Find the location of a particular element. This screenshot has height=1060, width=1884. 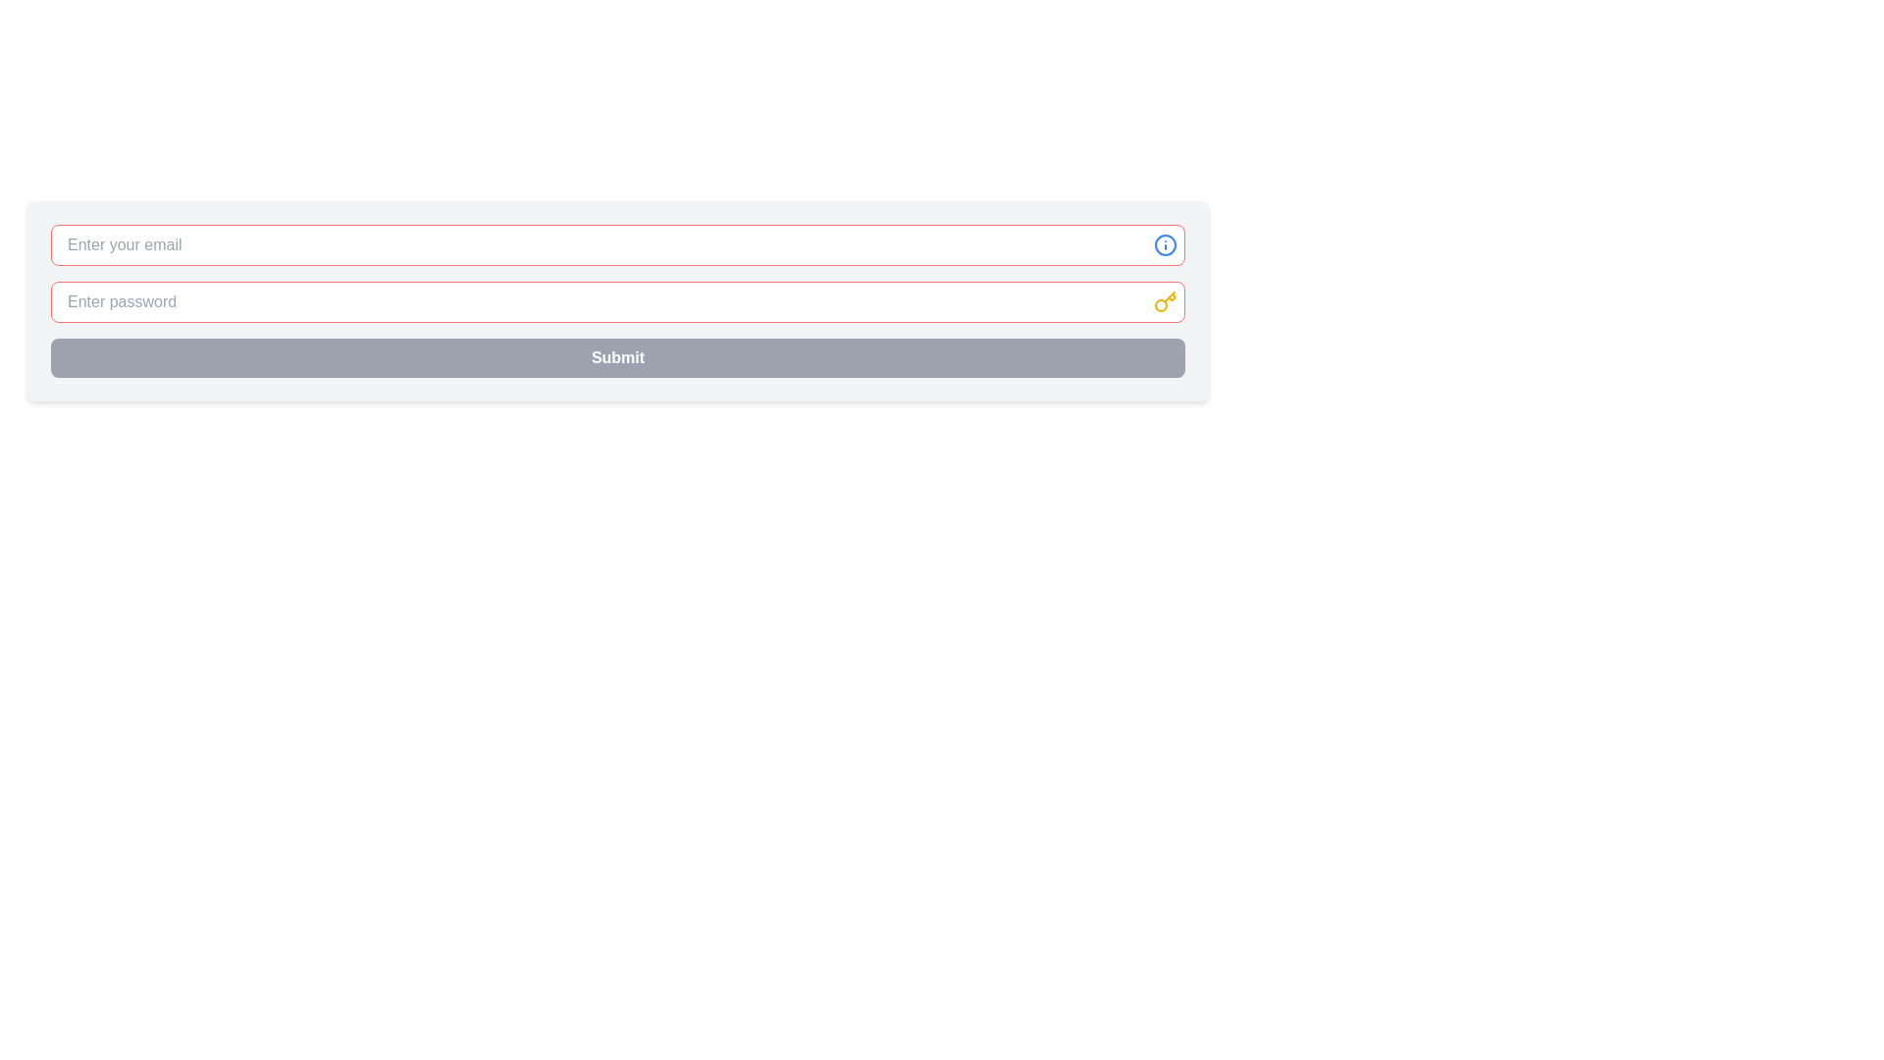

the wide rectangular 'Submit' button with a gray background and bold white text is located at coordinates (616, 358).